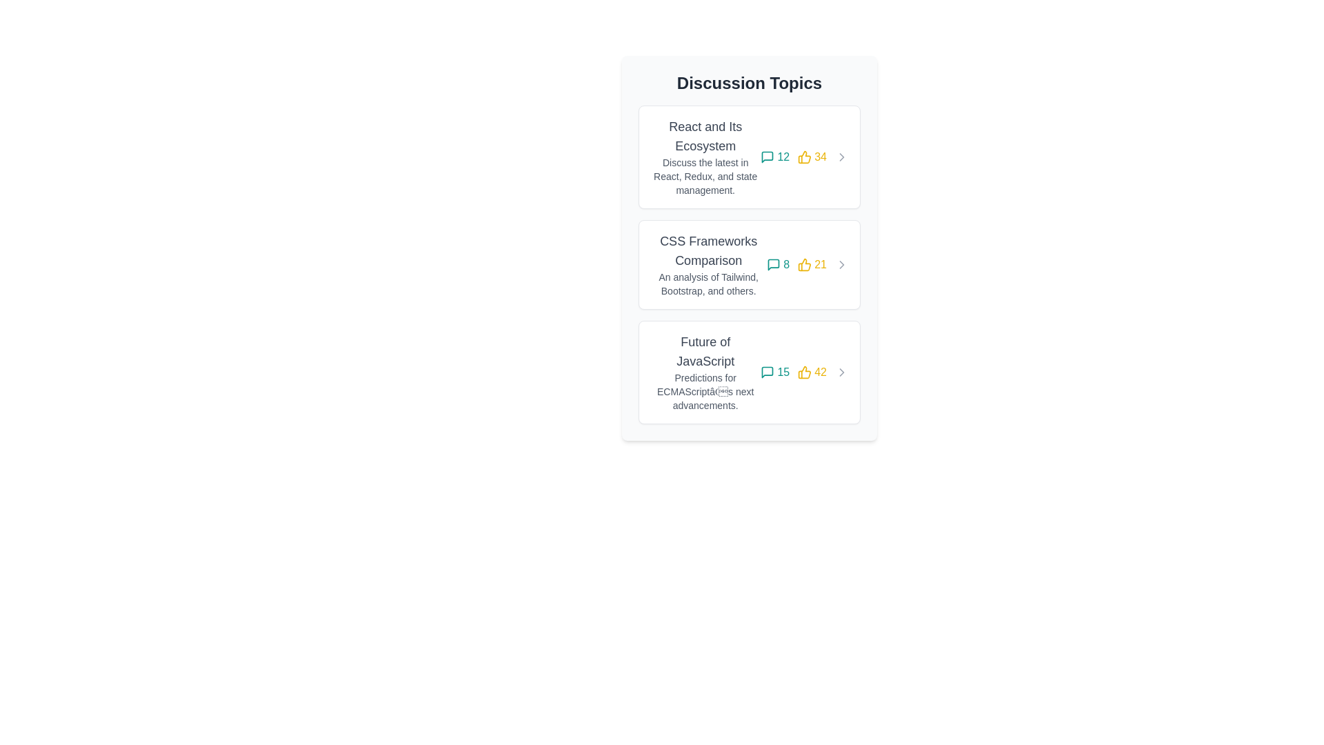 The image size is (1324, 745). Describe the element at coordinates (705, 372) in the screenshot. I see `the text display element that summarizes the discussion topic title and description` at that location.